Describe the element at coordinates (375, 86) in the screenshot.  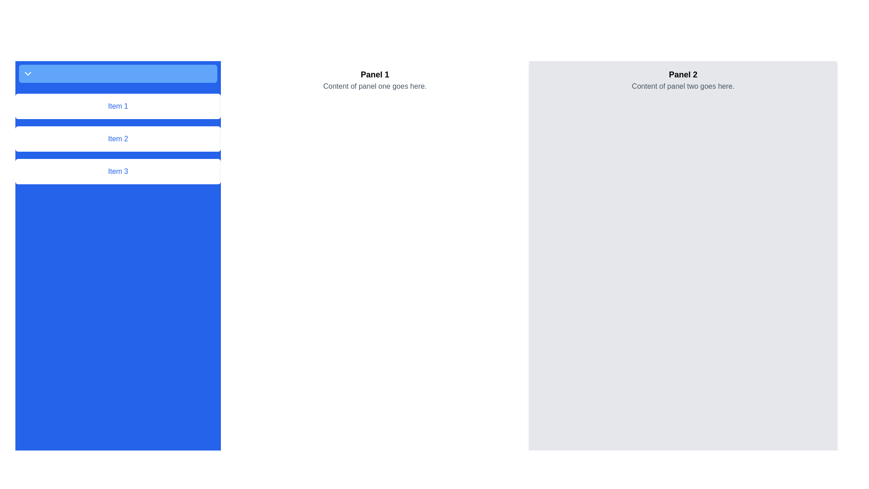
I see `the static text label reading 'Content of panel one goes here.' located under the header 'Panel 1' in the left panel of a two-panel layout` at that location.